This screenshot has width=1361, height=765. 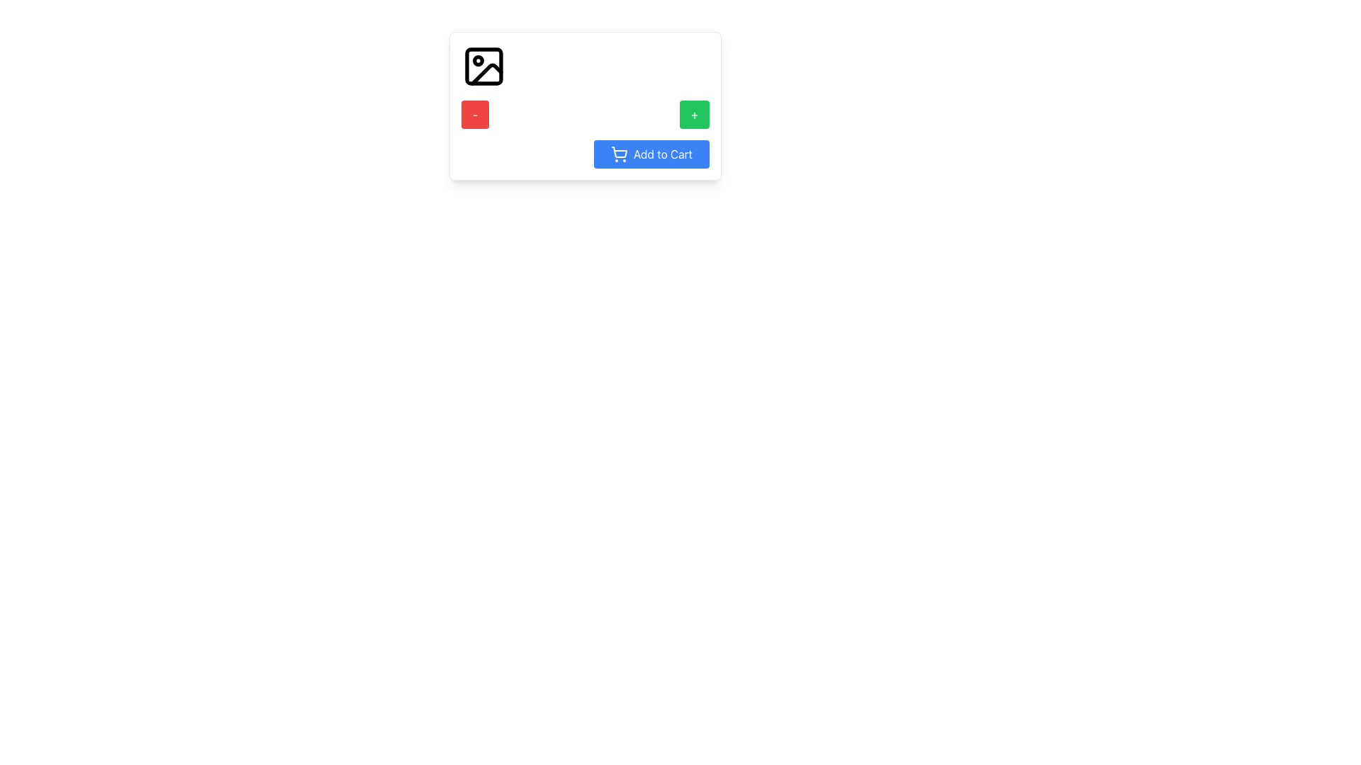 What do you see at coordinates (695, 114) in the screenshot?
I see `the green square button with rounded corners displaying a '+' symbol to increase the quantity` at bounding box center [695, 114].